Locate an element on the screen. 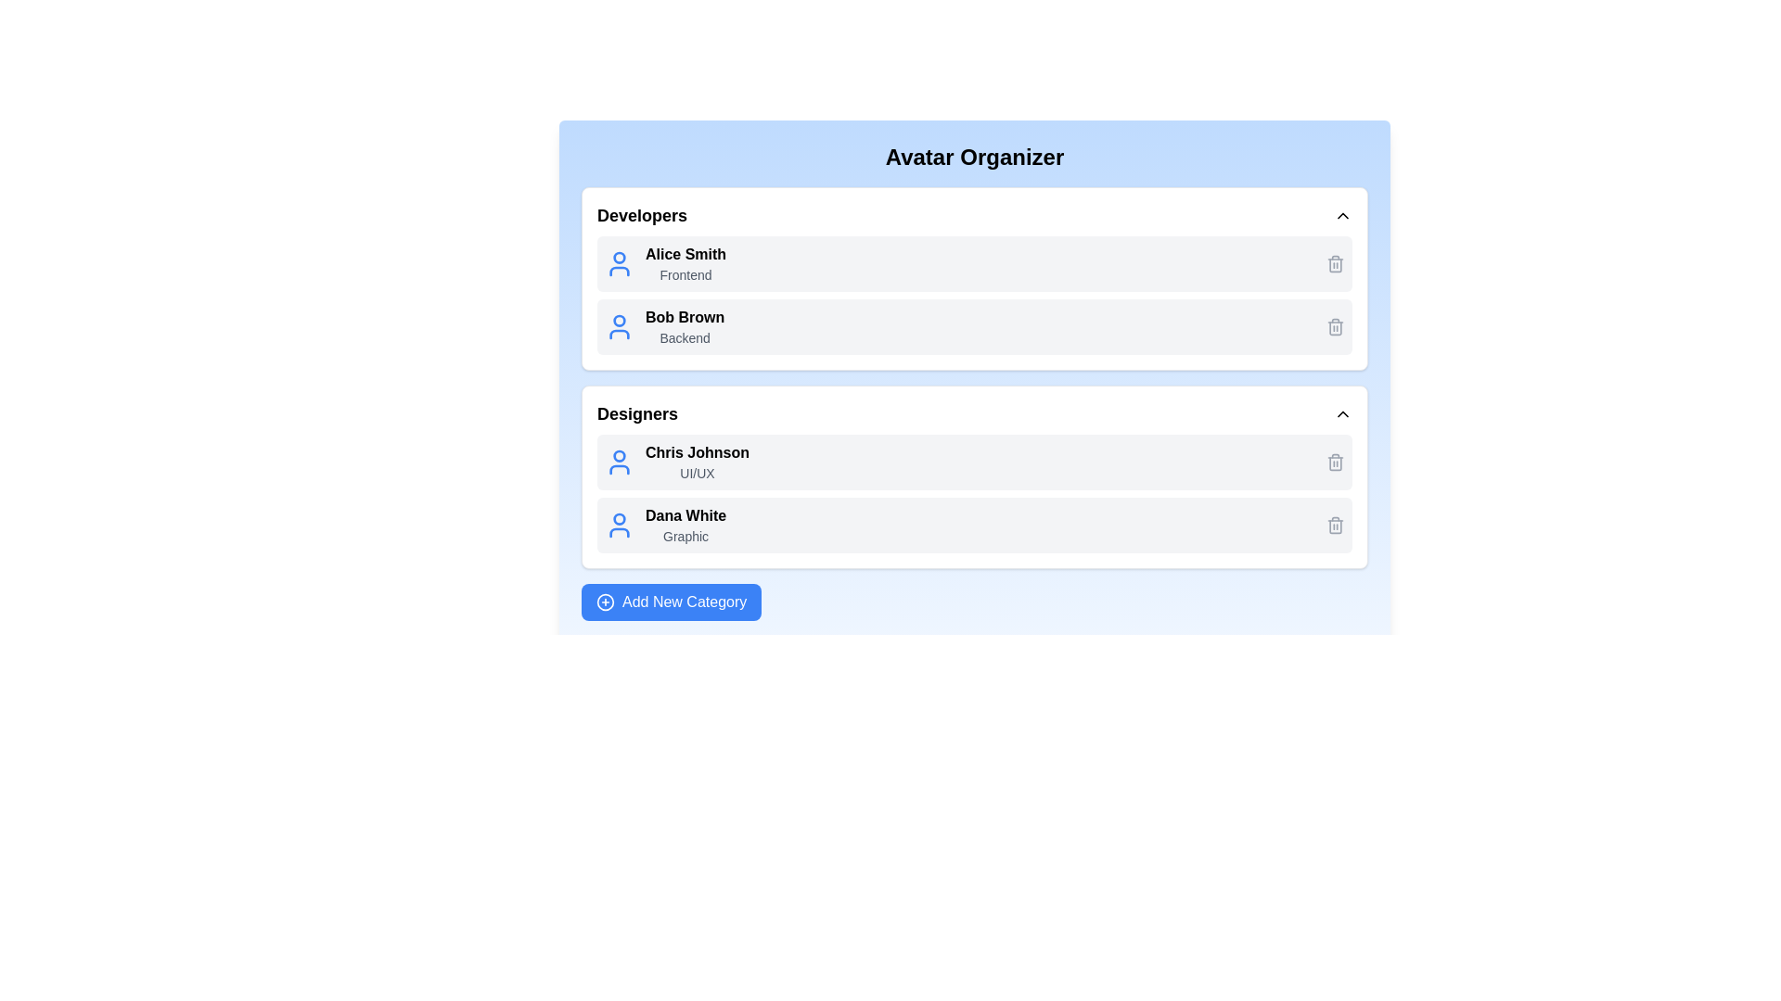 Image resolution: width=1781 pixels, height=1001 pixels. the rectangular icon within the trash can graphic associated with the entry 'Dana White' under the category 'Designers' is located at coordinates (1336, 462).